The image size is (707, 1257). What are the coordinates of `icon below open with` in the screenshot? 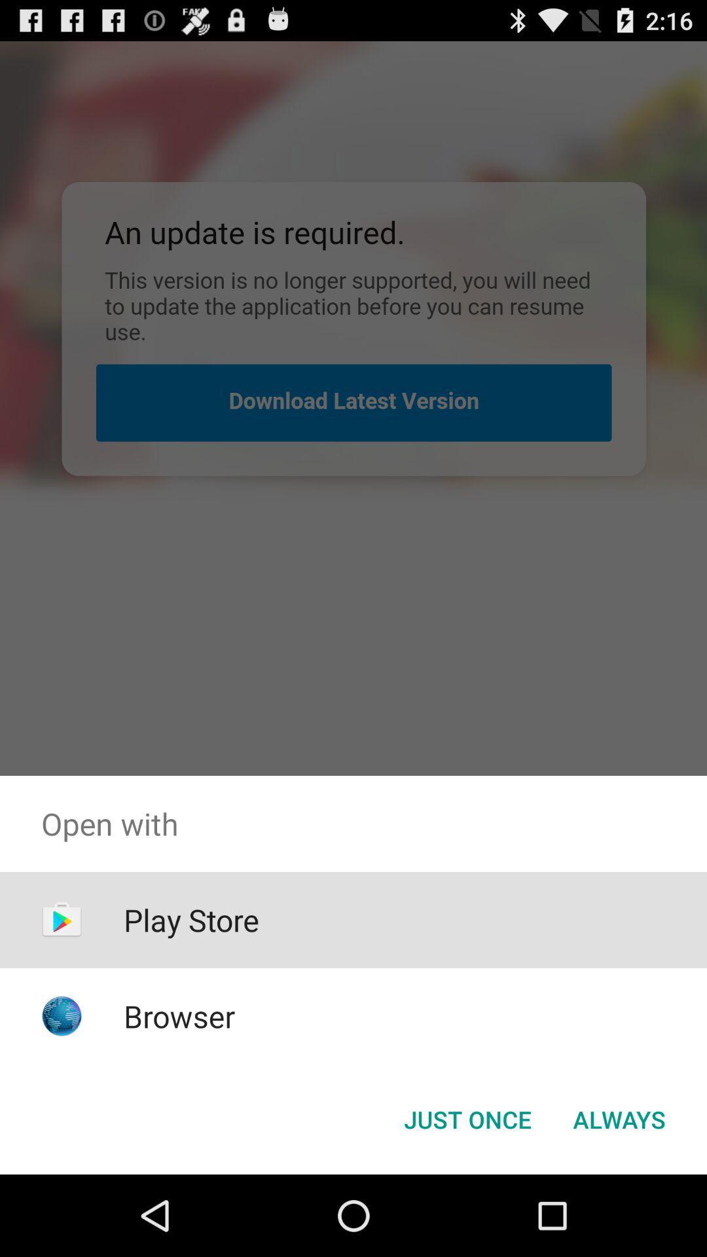 It's located at (619, 1118).